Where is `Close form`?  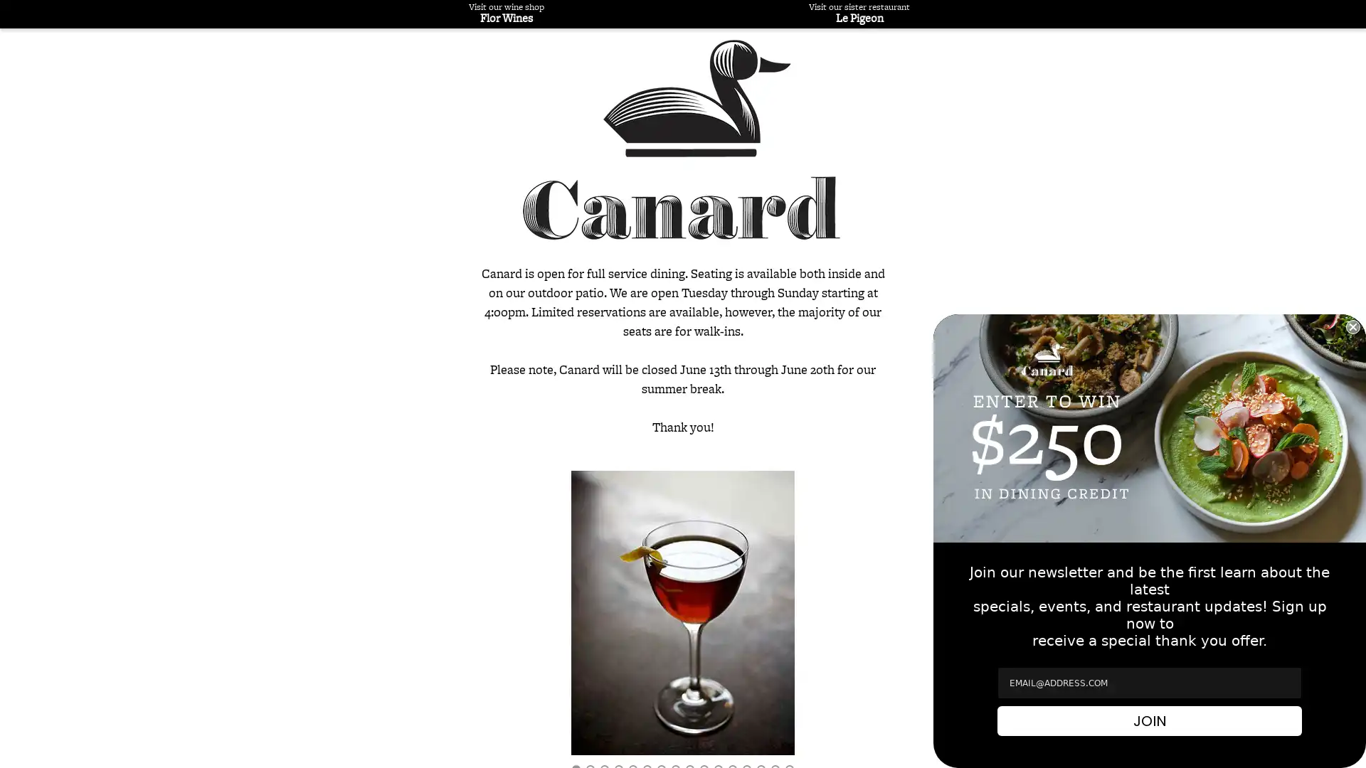 Close form is located at coordinates (1352, 326).